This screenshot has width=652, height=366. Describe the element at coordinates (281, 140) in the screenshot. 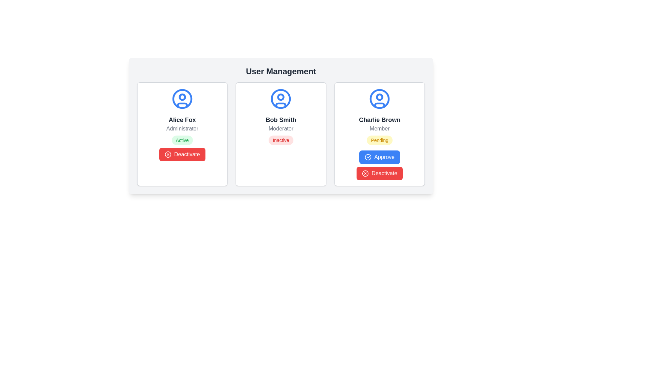

I see `the Status badge indicating 'Inactive' located at the bottom of the user card for 'Bob Smith', a Moderator` at that location.